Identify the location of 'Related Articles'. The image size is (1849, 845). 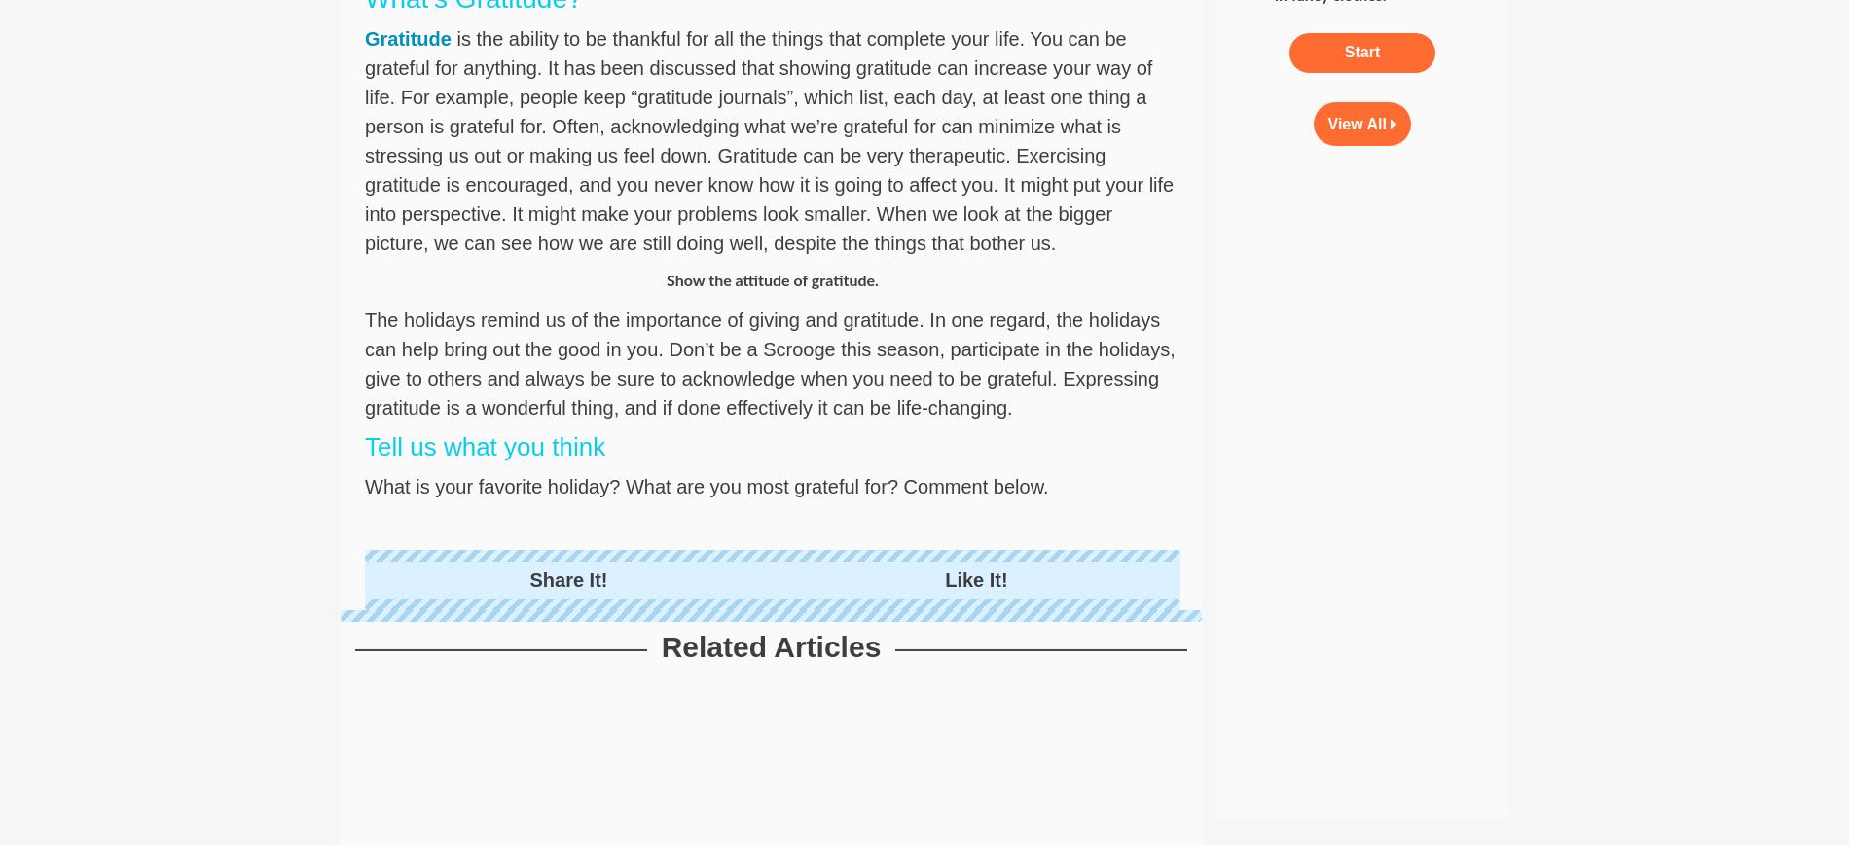
(661, 646).